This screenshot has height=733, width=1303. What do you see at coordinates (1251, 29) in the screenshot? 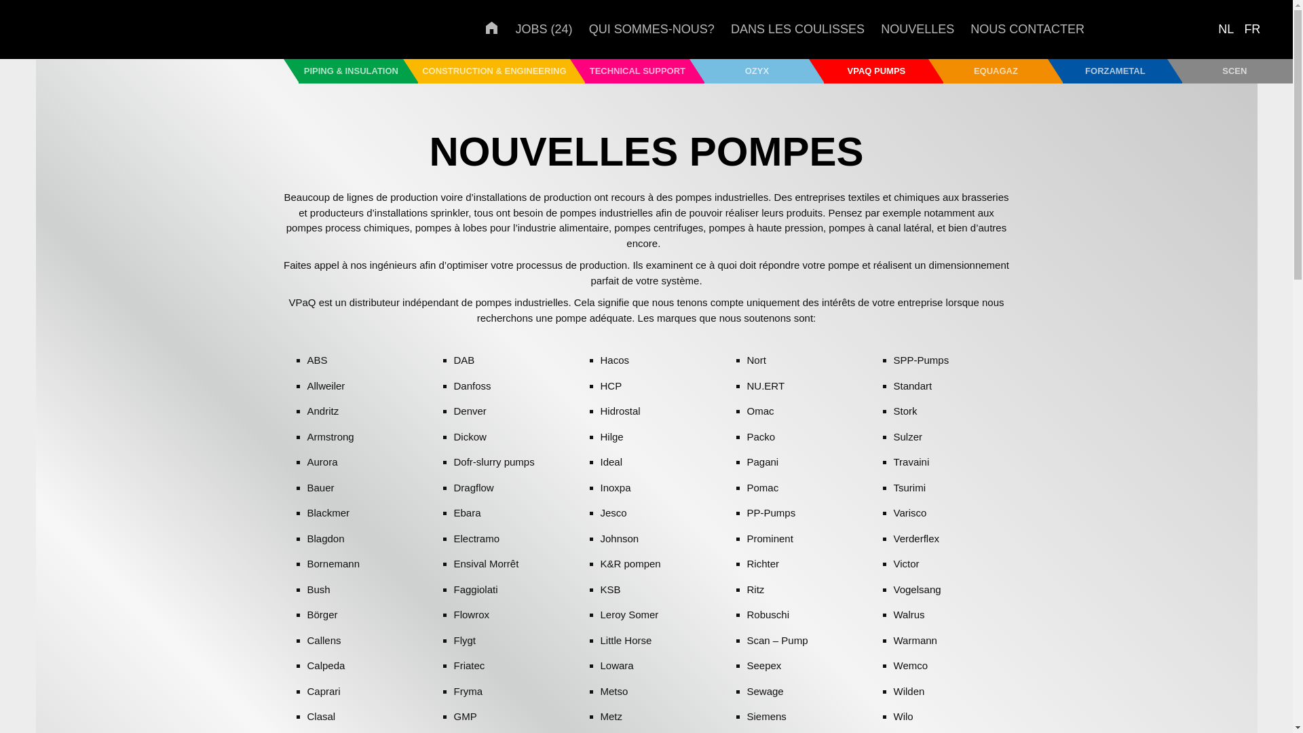
I see `'FR'` at bounding box center [1251, 29].